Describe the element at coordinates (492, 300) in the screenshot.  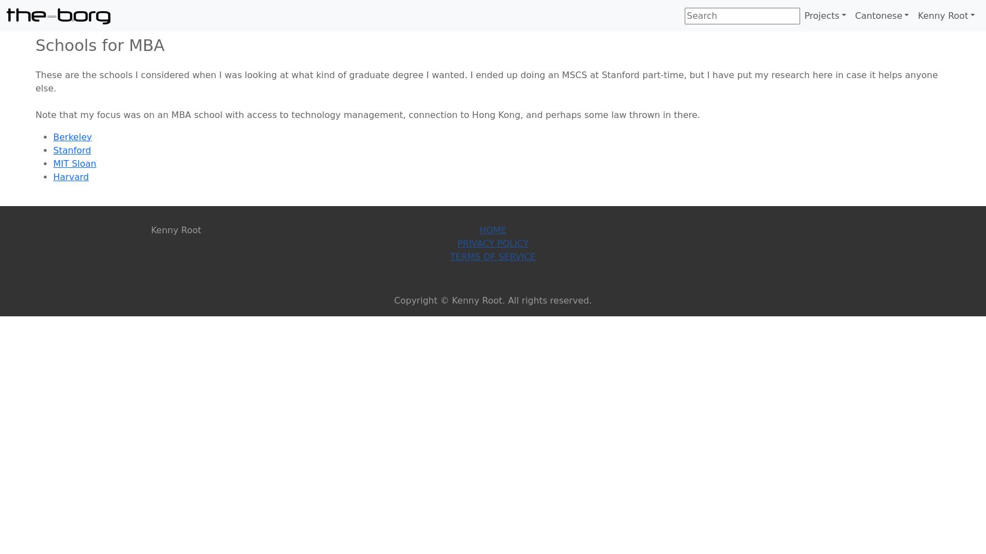
I see `'Copyright © Kenny Root. All rights reserved.'` at that location.